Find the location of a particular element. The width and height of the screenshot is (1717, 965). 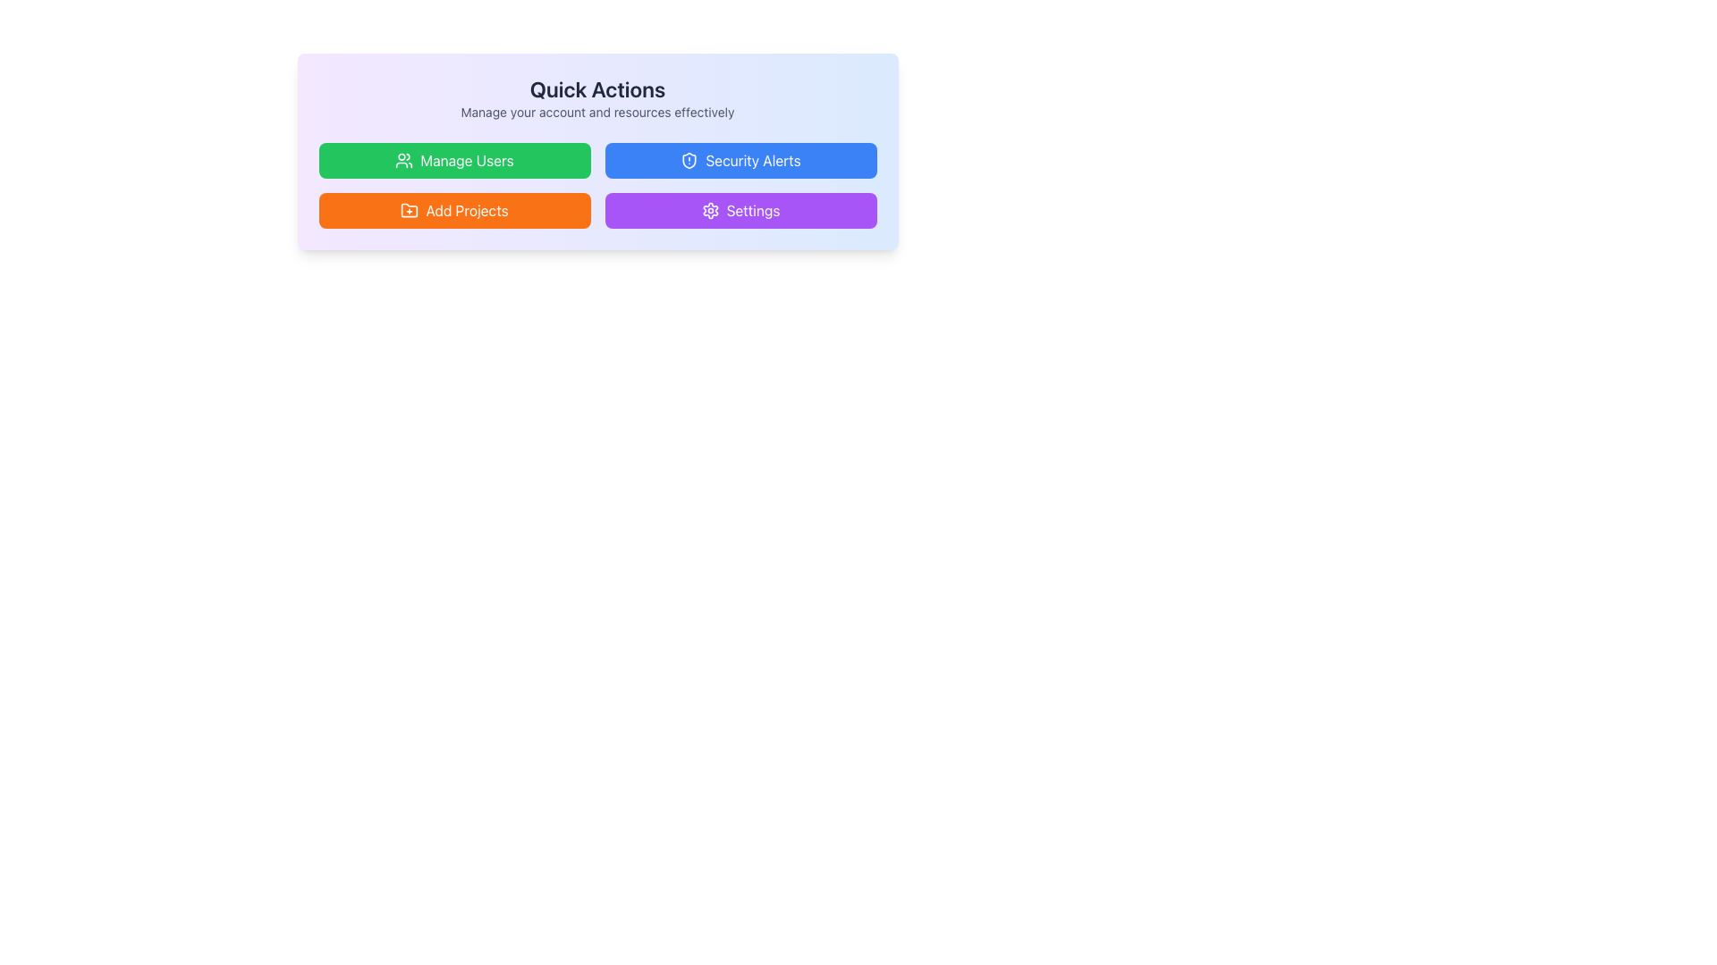

the decorative security icon that enhances the 'Security Alerts' button, located in the second column of the top row within the 'Quick Actions' section, positioned to the left of the button text is located at coordinates (689, 161).